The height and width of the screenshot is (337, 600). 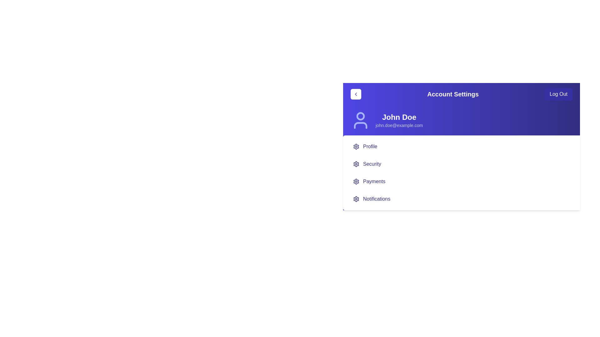 What do you see at coordinates (356, 182) in the screenshot?
I see `the gear icon representing settings for the 'Payments' section` at bounding box center [356, 182].